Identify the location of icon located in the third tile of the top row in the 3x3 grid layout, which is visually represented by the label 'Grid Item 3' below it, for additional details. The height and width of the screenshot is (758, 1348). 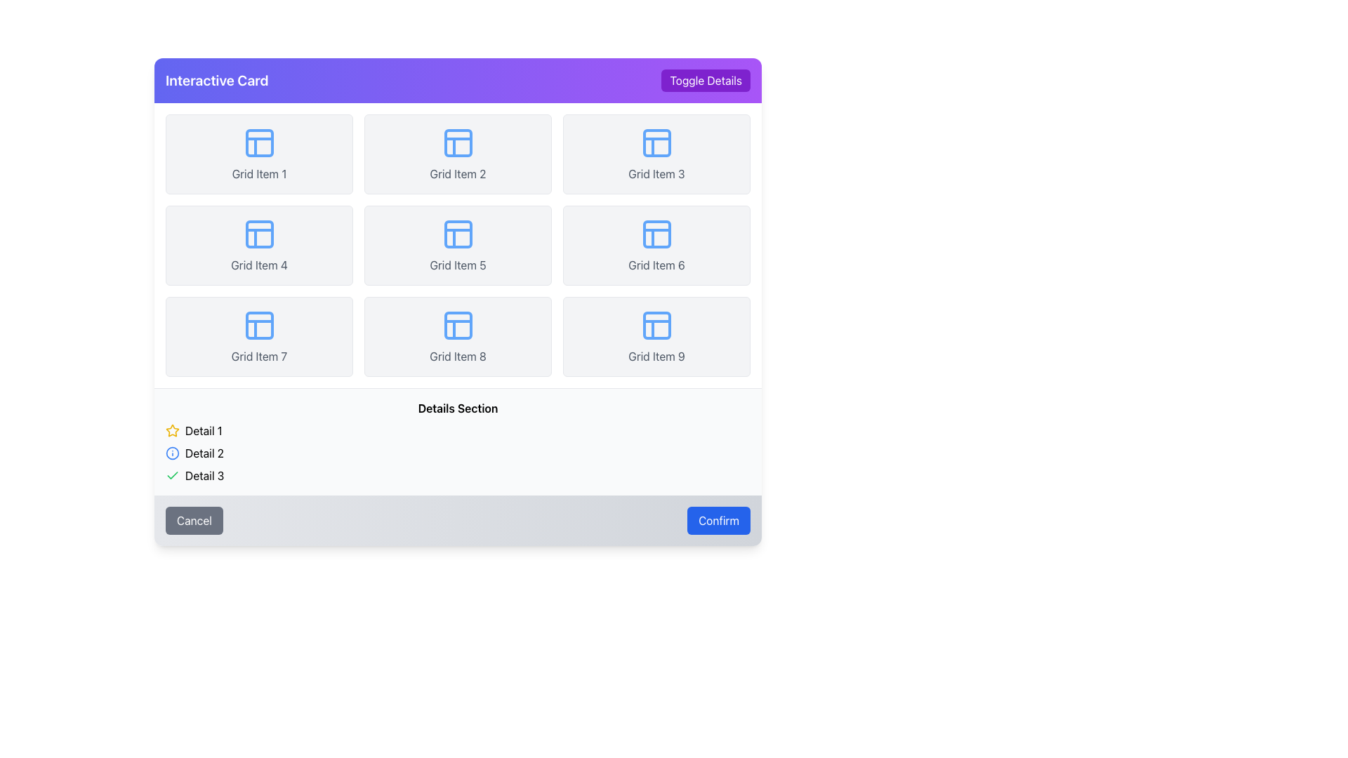
(656, 143).